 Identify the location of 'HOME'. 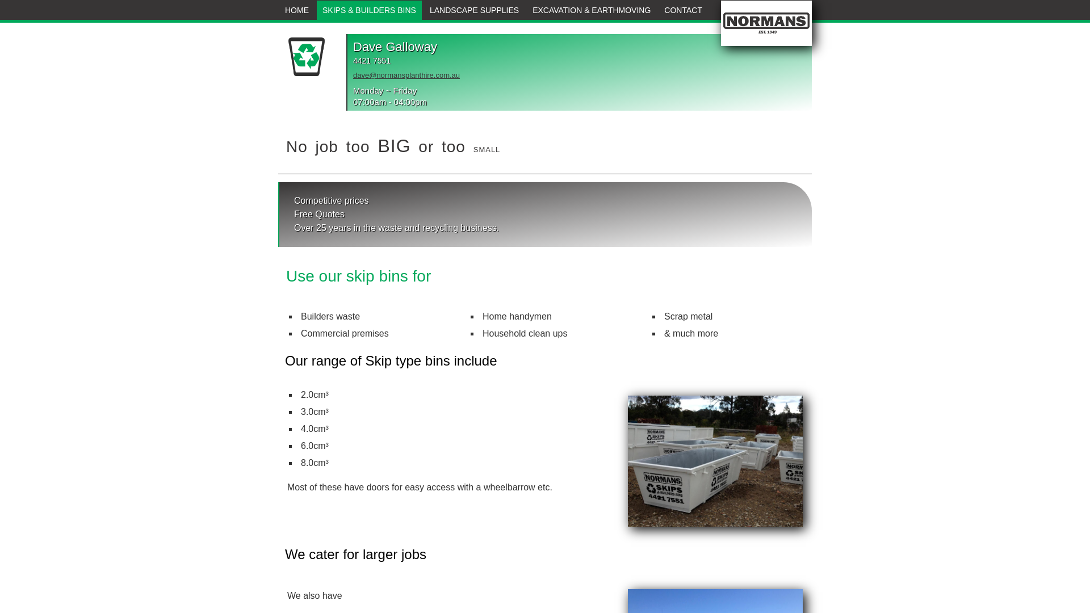
(297, 10).